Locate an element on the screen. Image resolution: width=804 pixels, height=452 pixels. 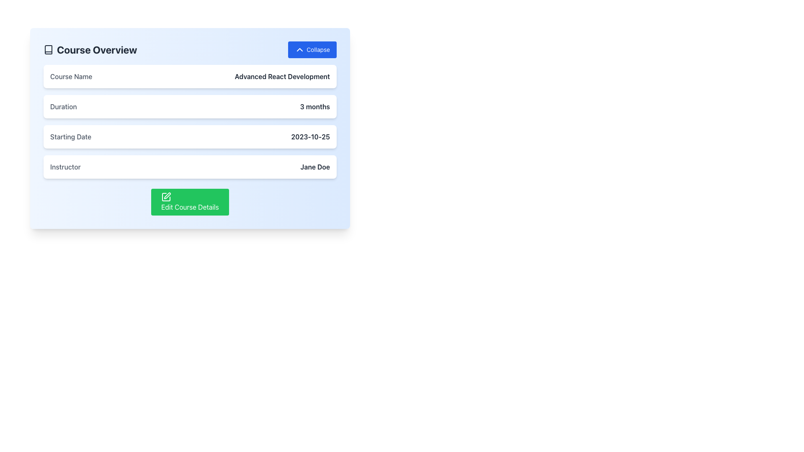
the green pen icon located to the left of the 'Edit Course Details' button is located at coordinates (166, 197).